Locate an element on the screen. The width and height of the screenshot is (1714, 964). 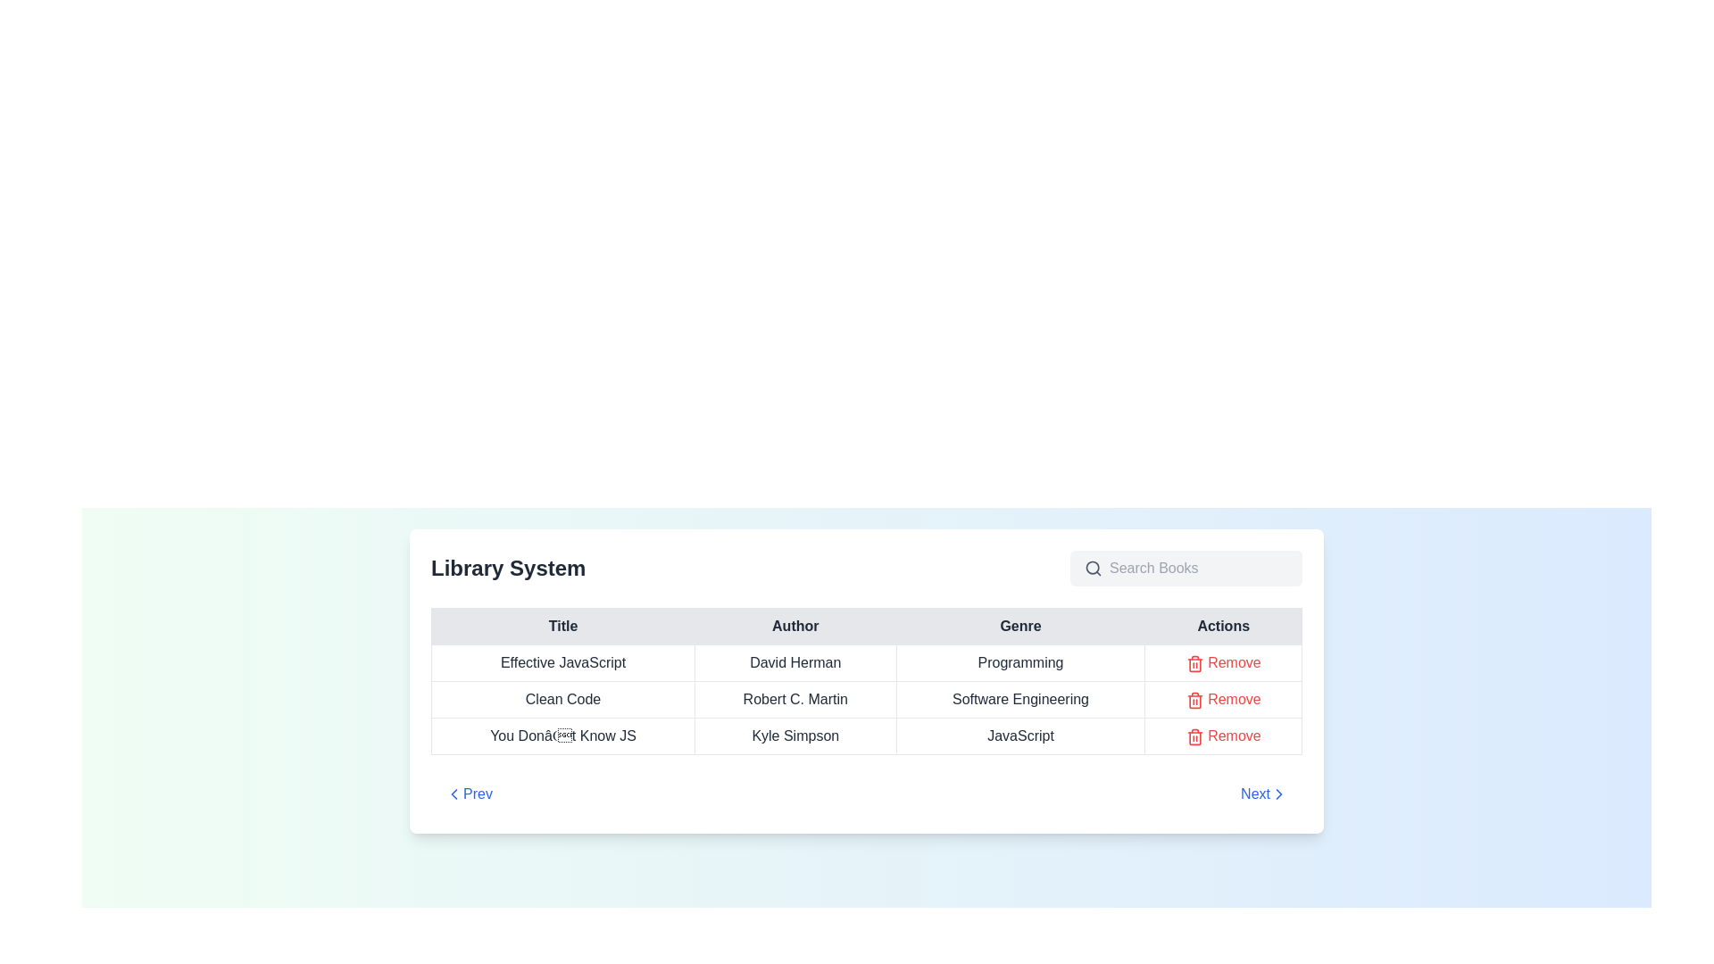
the remove button for 'Clean Code' by Robert C. Martin located in the rightmost column under the 'Actions' header is located at coordinates (1222, 698).